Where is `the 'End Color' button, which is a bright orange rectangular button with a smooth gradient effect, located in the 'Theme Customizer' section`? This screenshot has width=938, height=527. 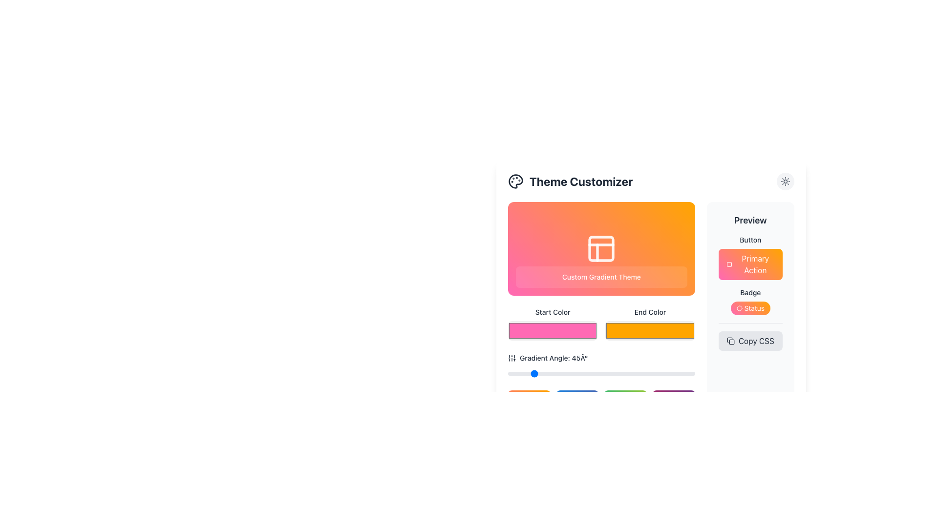 the 'End Color' button, which is a bright orange rectangular button with a smooth gradient effect, located in the 'Theme Customizer' section is located at coordinates (651, 316).